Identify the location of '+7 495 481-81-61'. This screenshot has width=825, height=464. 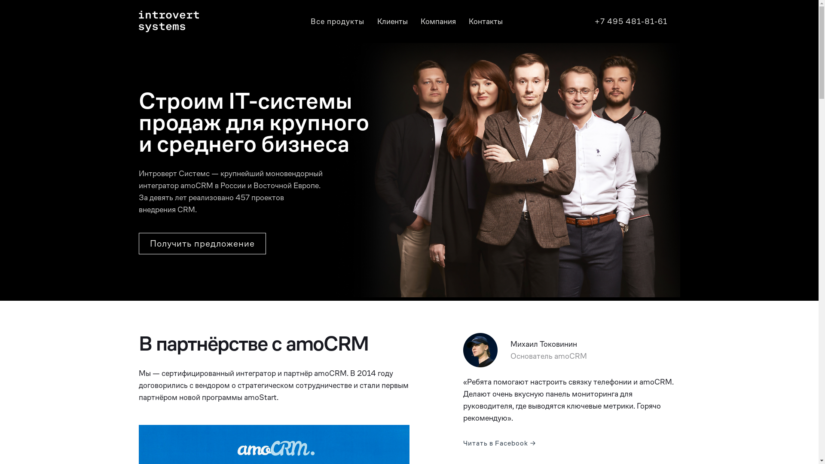
(631, 21).